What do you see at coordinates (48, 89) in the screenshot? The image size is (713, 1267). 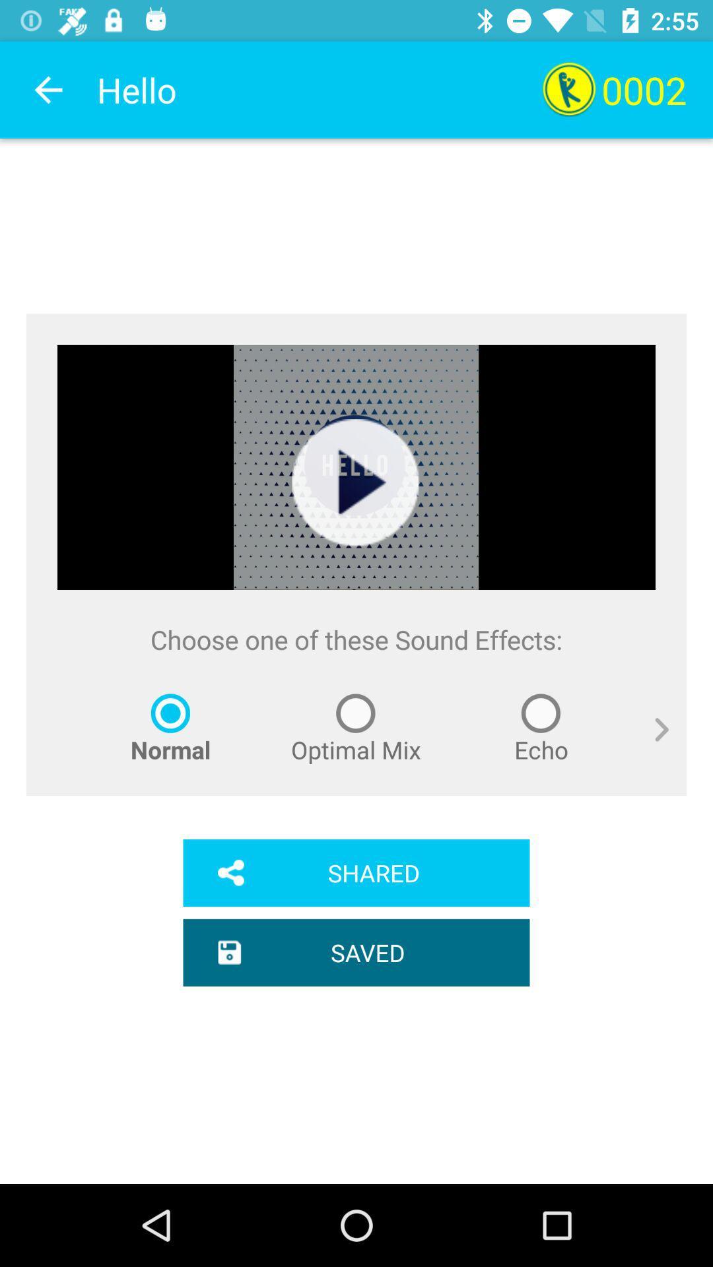 I see `the icon next to hello app` at bounding box center [48, 89].